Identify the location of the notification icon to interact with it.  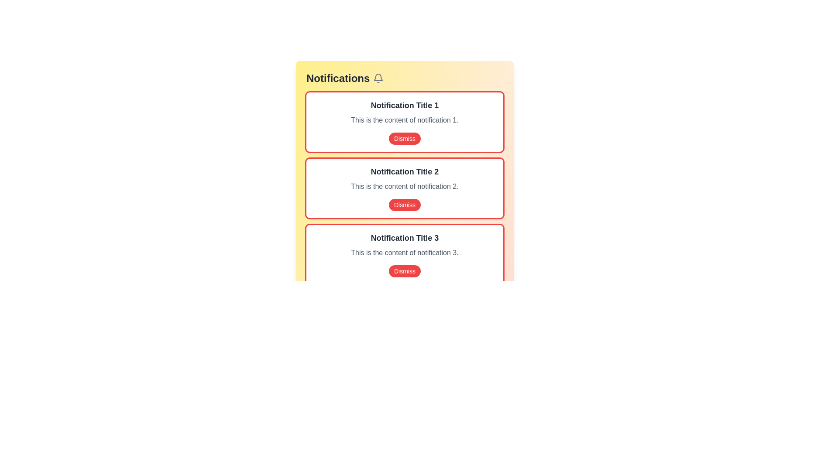
(378, 78).